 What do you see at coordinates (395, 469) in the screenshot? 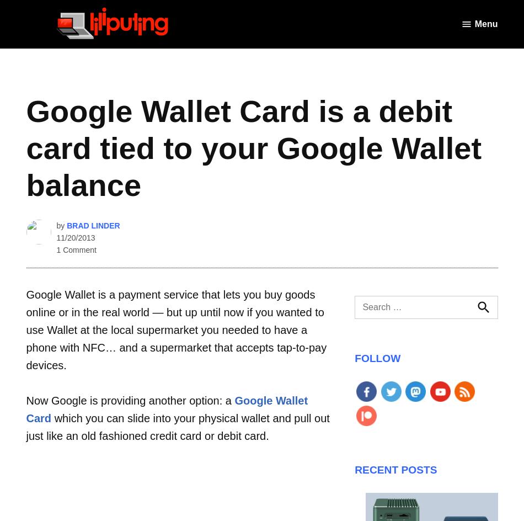
I see `'Recent Posts'` at bounding box center [395, 469].